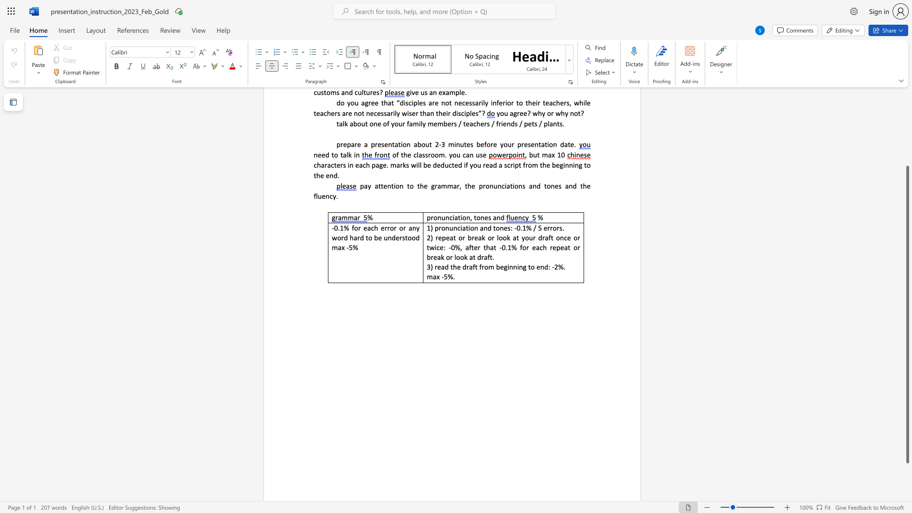  I want to click on the scrollbar and move up 20 pixels, so click(907, 314).